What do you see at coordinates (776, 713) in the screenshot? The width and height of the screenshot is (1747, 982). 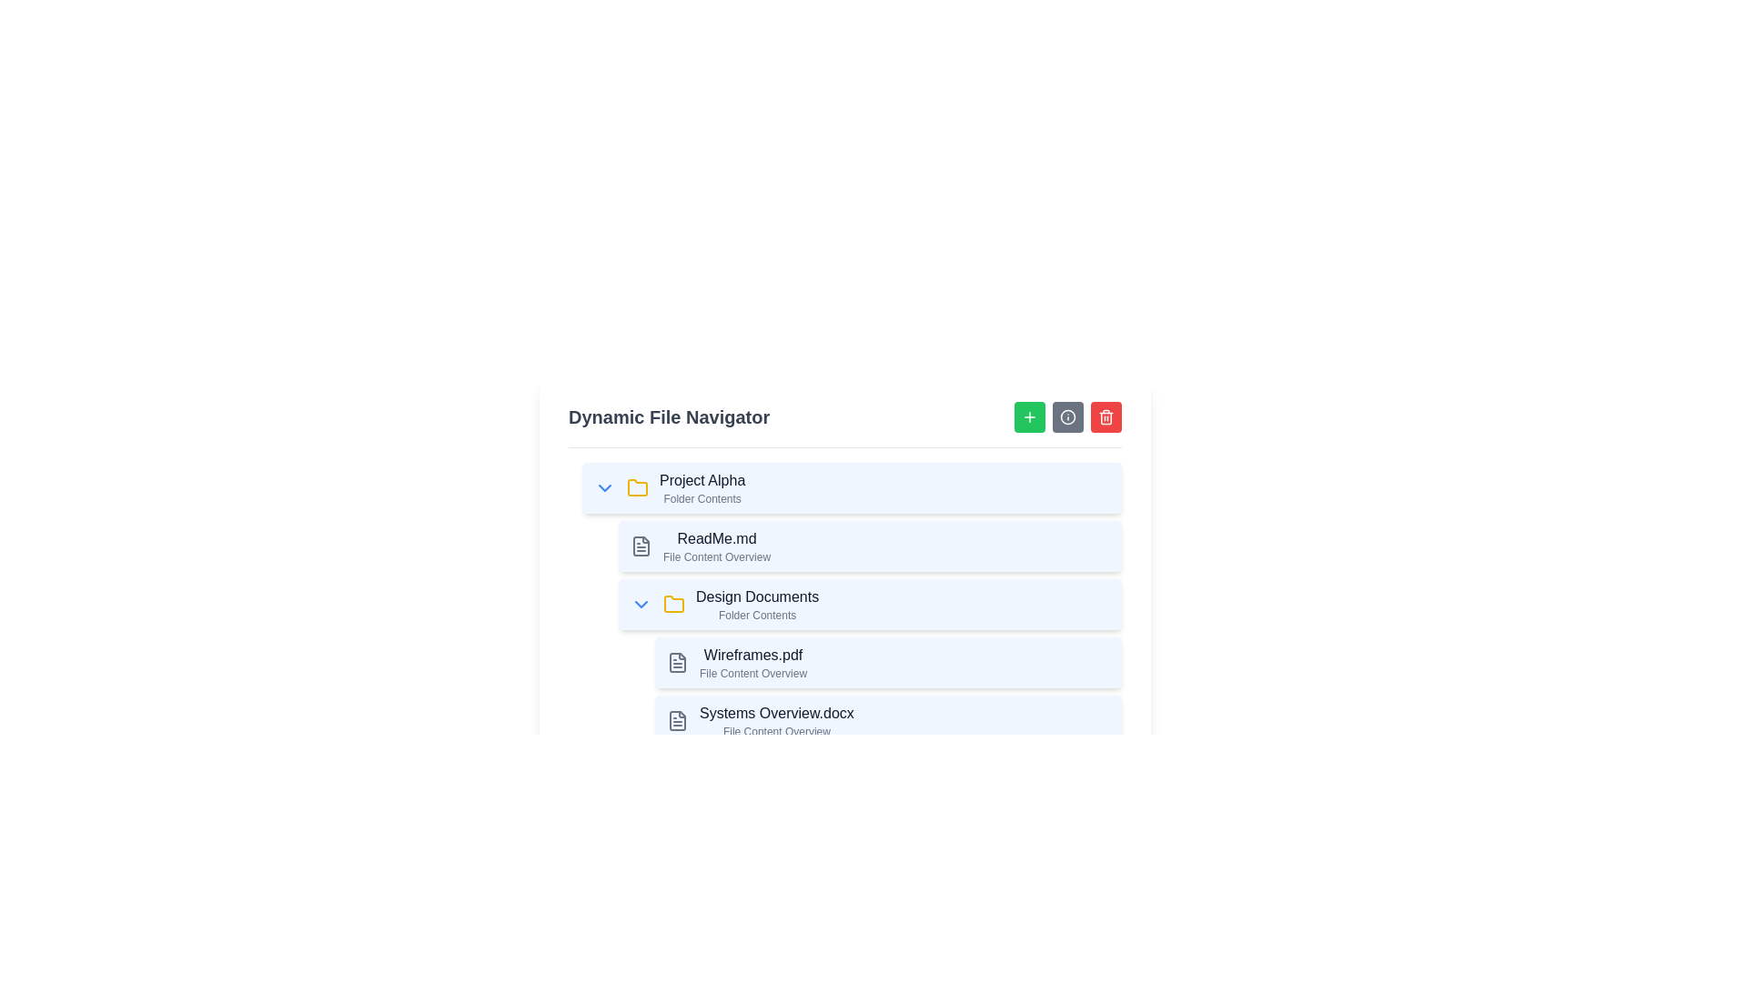 I see `the text label displaying the name of a file in the file navigator, which is positioned below 'Wireframes.pdf' and above 'File Content Overview'` at bounding box center [776, 713].